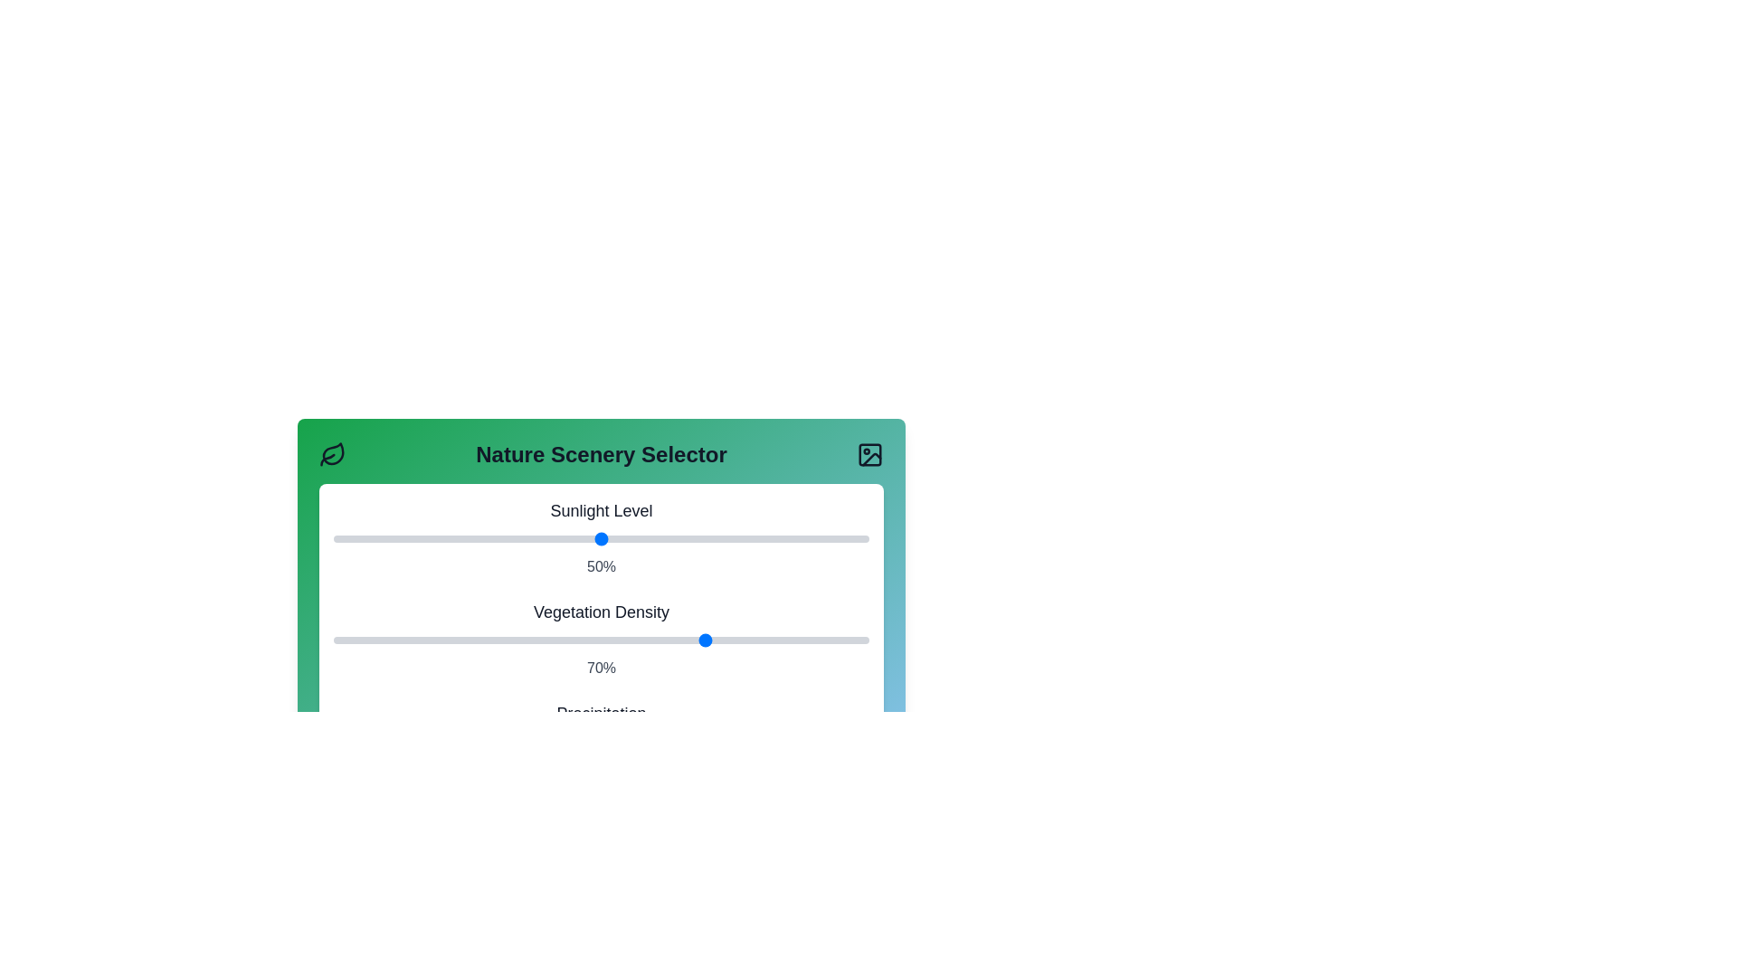 Image resolution: width=1737 pixels, height=977 pixels. I want to click on the Vegetation Density slider to set its value to 56, so click(633, 640).